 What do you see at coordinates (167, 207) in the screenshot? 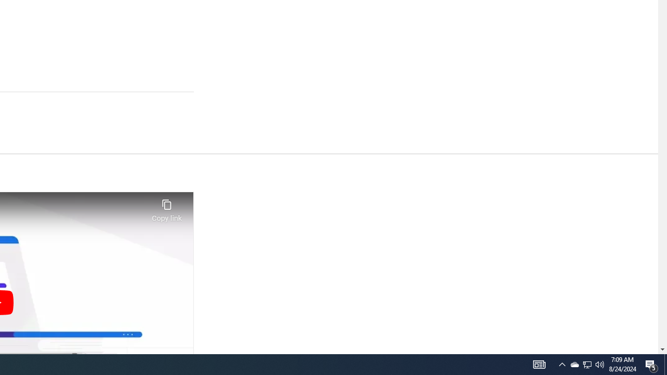
I see `'Copy link'` at bounding box center [167, 207].